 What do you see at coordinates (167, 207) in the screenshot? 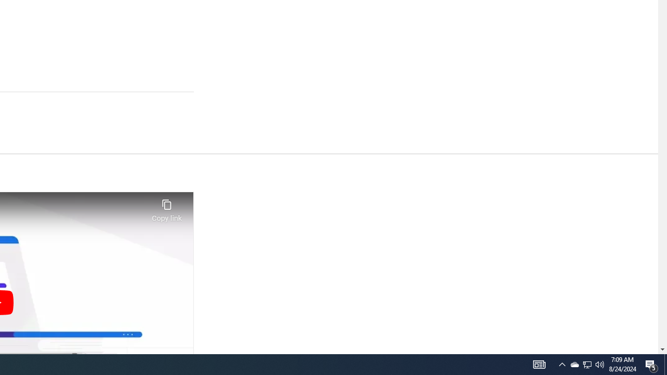
I see `'Copy link'` at bounding box center [167, 207].